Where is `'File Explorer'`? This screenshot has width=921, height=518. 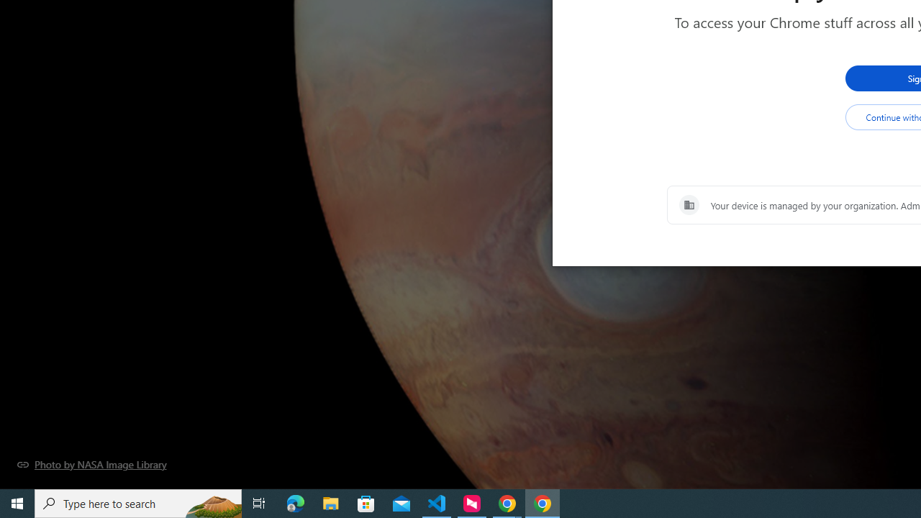 'File Explorer' is located at coordinates (330, 502).